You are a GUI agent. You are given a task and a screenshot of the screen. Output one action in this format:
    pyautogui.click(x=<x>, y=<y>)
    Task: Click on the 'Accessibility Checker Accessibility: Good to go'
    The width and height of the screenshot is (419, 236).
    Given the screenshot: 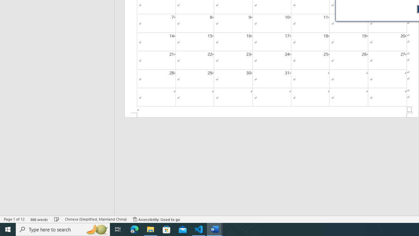 What is the action you would take?
    pyautogui.click(x=156, y=219)
    